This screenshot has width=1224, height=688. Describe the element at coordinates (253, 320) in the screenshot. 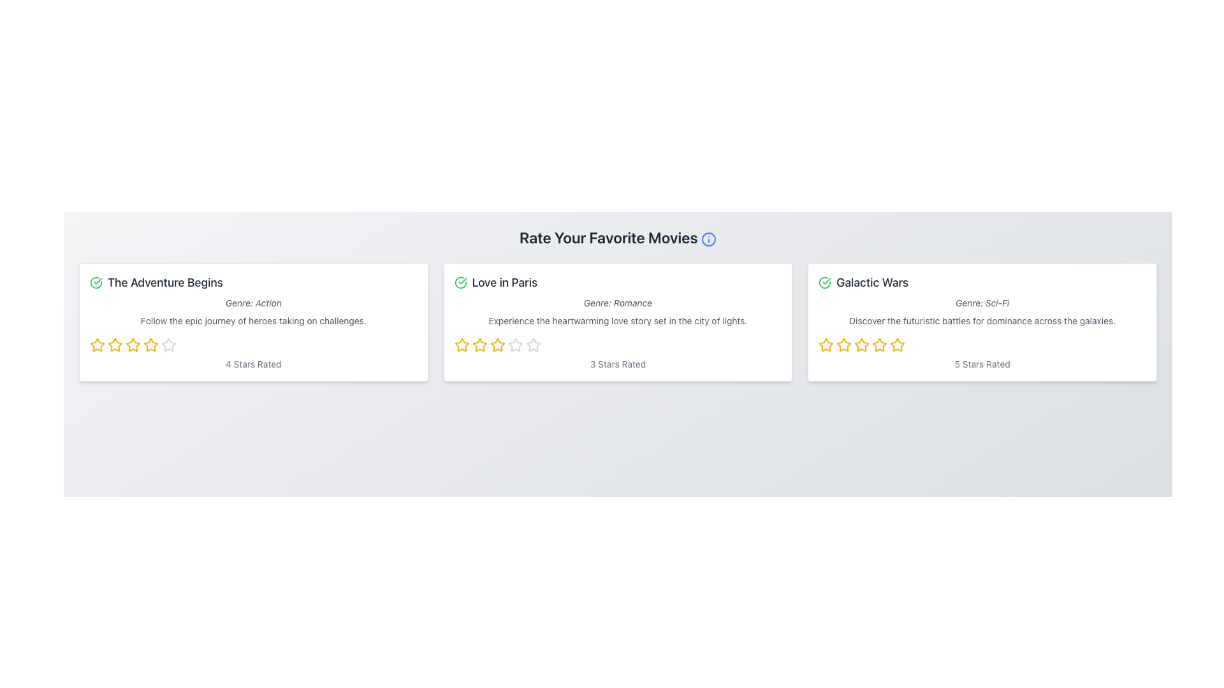

I see `the static text element that reads 'Follow the epic journey of heroes taking on challenges.' which is positioned below the 'Genre: Action' text and above the star rating display in the card titled 'The Adventure Begins'` at that location.